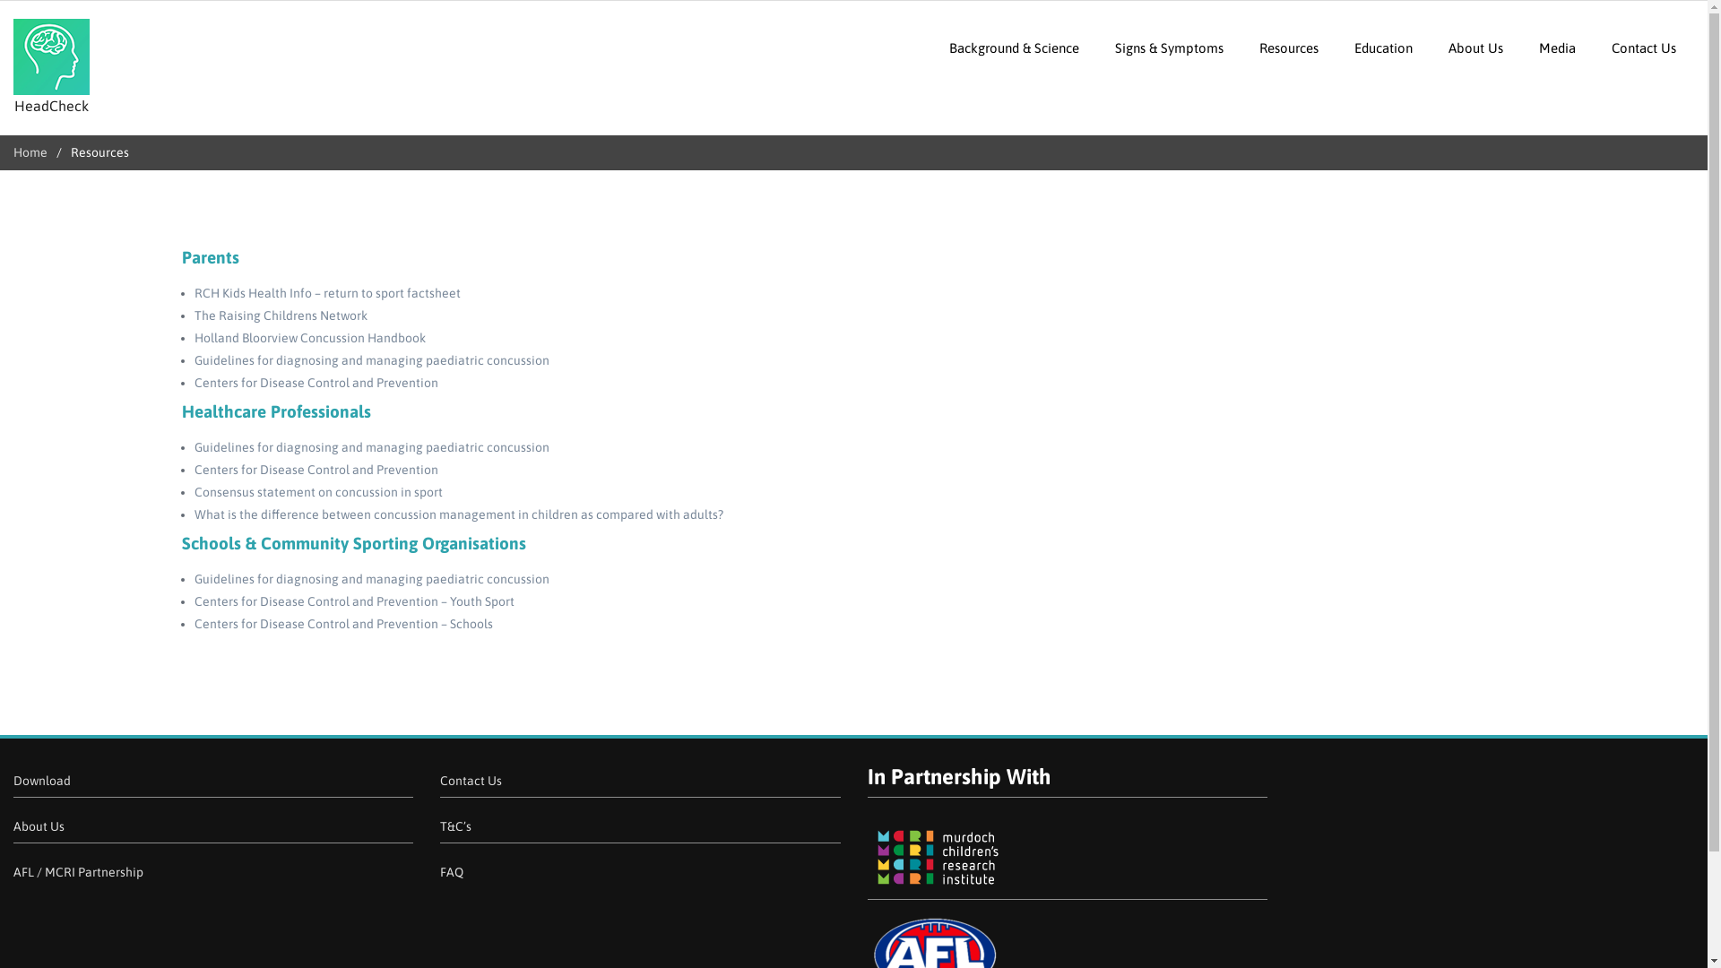 This screenshot has height=968, width=1721. I want to click on 'Holland Bloorview Concussion Handbook', so click(309, 338).